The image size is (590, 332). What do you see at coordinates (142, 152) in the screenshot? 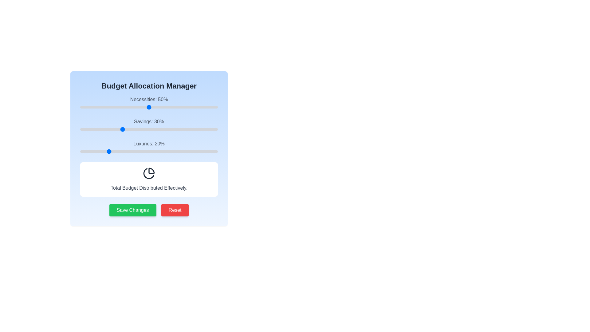
I see `luxuries percentage` at bounding box center [142, 152].